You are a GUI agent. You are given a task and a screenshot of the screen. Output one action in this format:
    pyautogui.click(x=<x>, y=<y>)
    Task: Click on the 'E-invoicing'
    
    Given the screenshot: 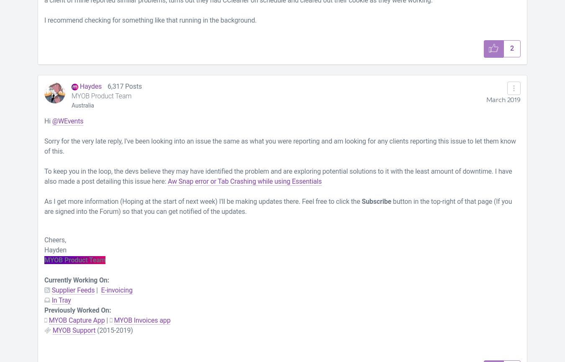 What is the action you would take?
    pyautogui.click(x=116, y=290)
    